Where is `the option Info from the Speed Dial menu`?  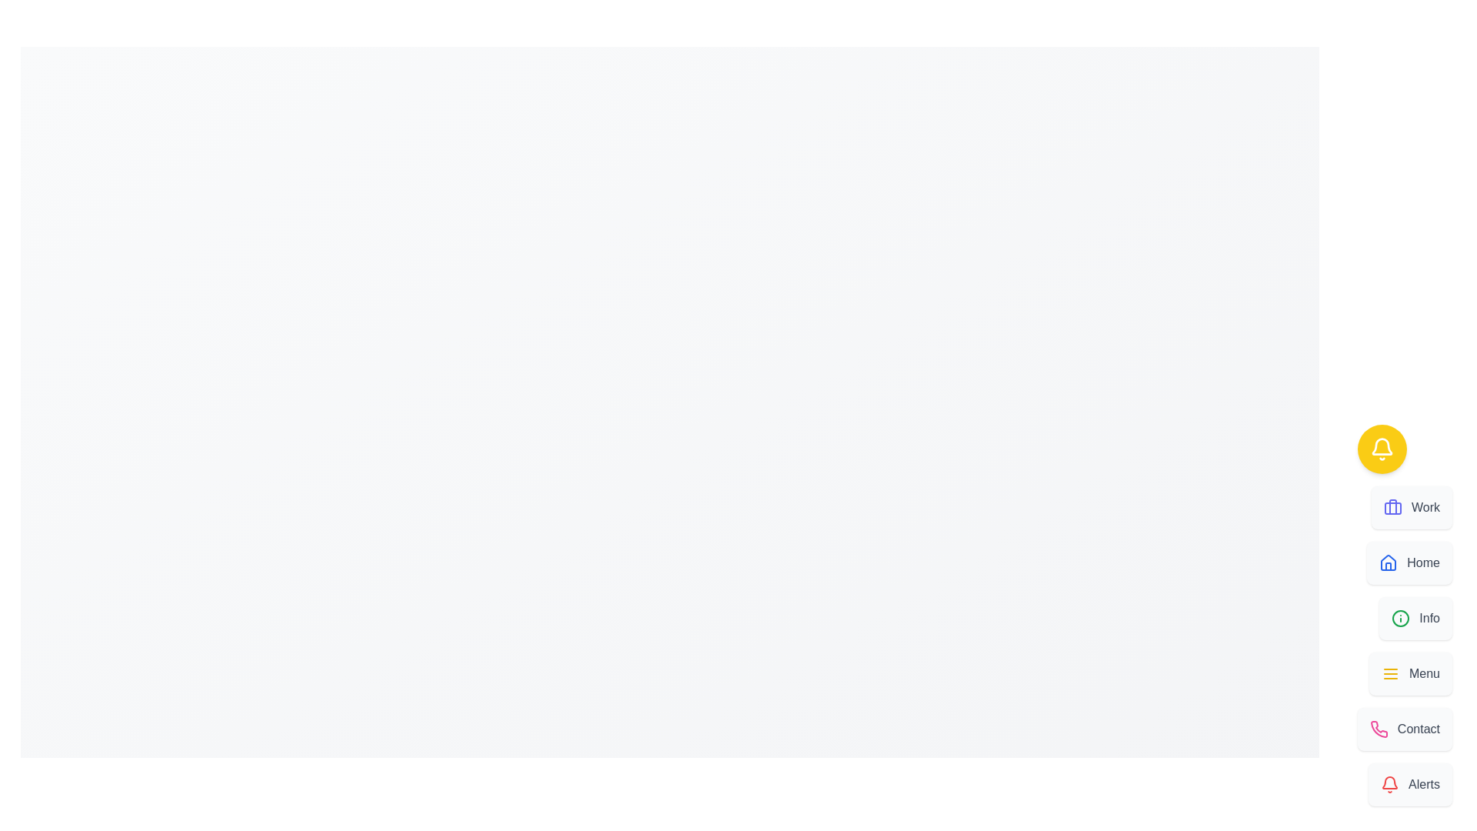
the option Info from the Speed Dial menu is located at coordinates (1415, 617).